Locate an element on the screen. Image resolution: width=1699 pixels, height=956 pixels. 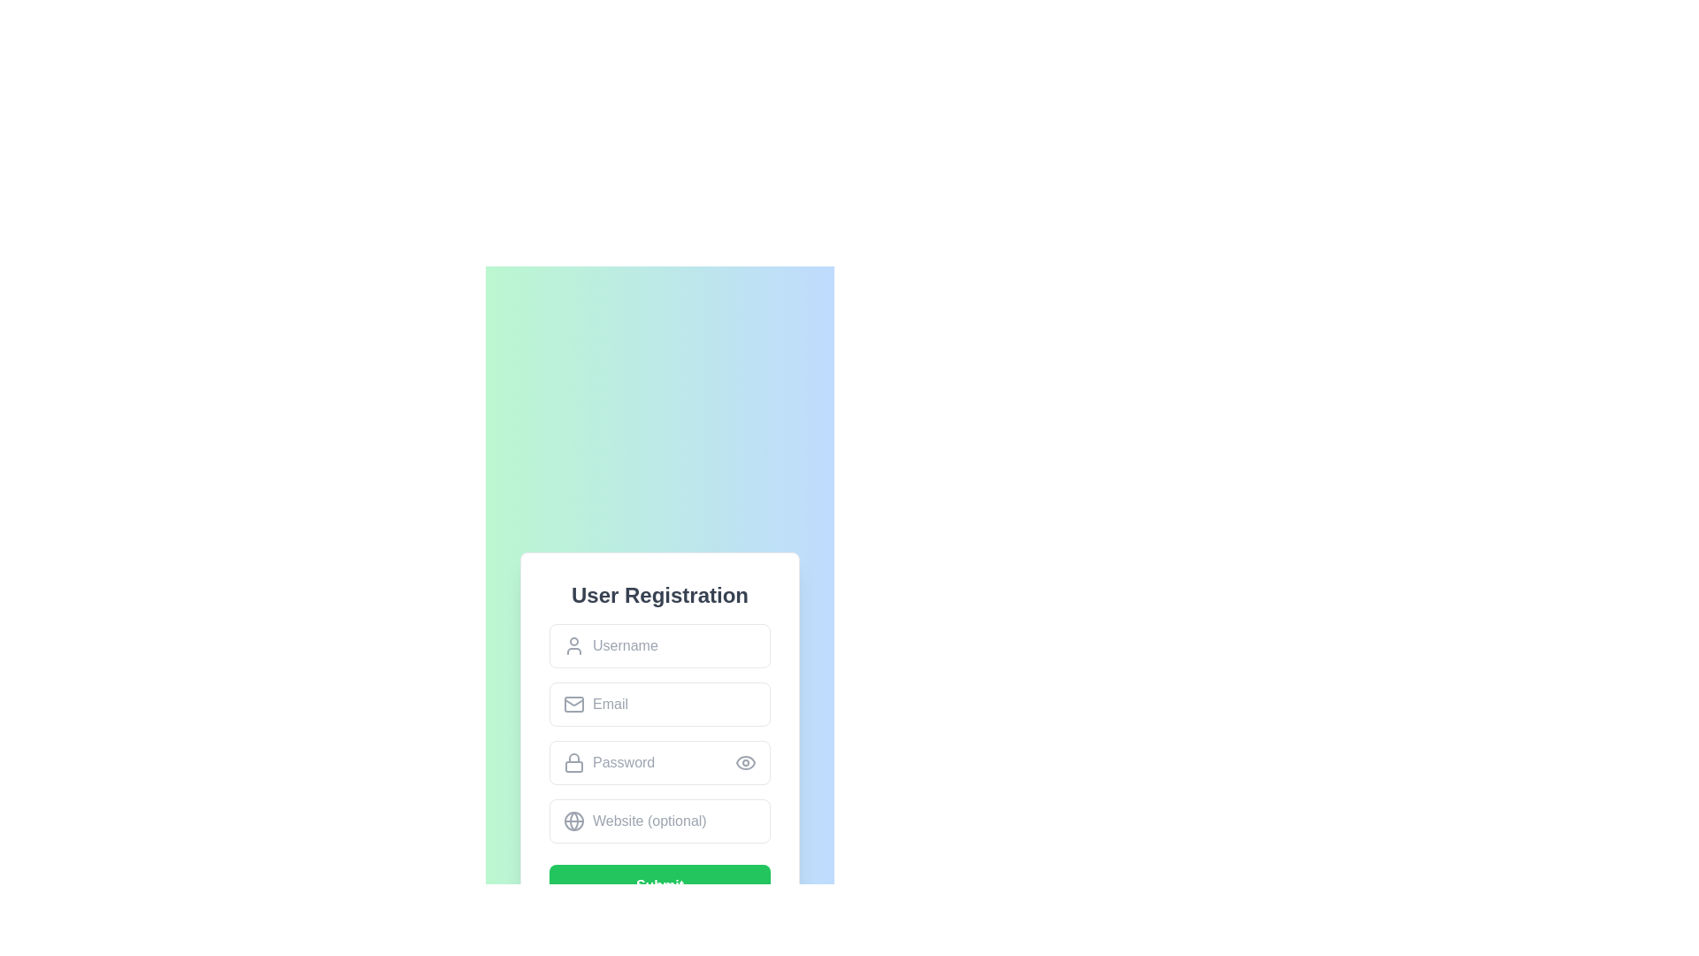
the text input field styled as a rounded rectangle with placeholder text 'Website (optional)' to focus the input is located at coordinates (658, 821).